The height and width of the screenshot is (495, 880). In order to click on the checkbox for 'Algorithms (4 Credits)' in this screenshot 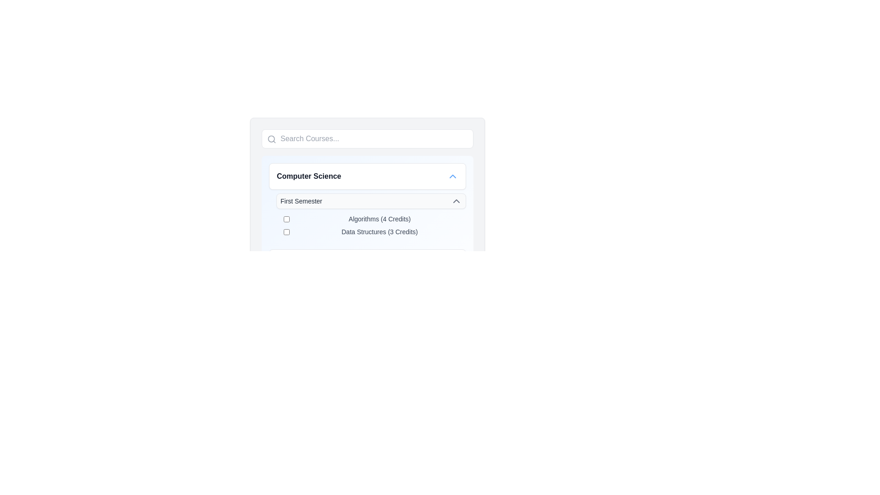, I will do `click(286, 219)`.